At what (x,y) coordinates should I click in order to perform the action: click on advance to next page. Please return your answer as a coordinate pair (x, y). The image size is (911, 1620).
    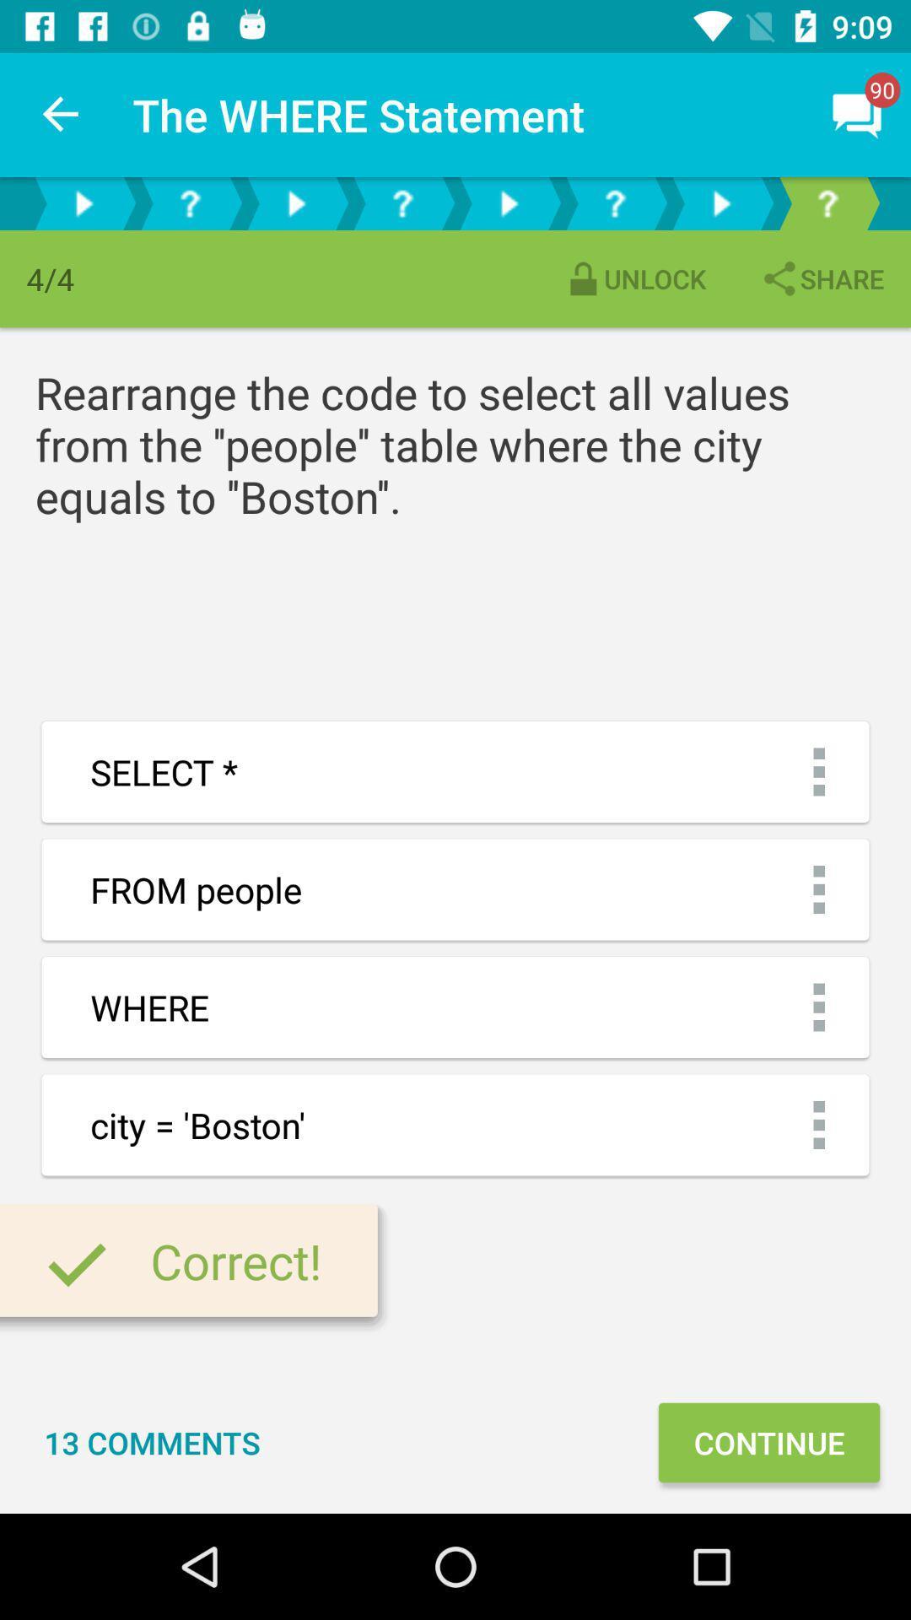
    Looking at the image, I should click on (507, 202).